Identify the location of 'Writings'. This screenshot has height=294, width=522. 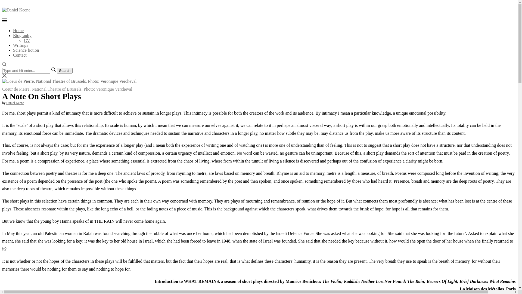
(20, 45).